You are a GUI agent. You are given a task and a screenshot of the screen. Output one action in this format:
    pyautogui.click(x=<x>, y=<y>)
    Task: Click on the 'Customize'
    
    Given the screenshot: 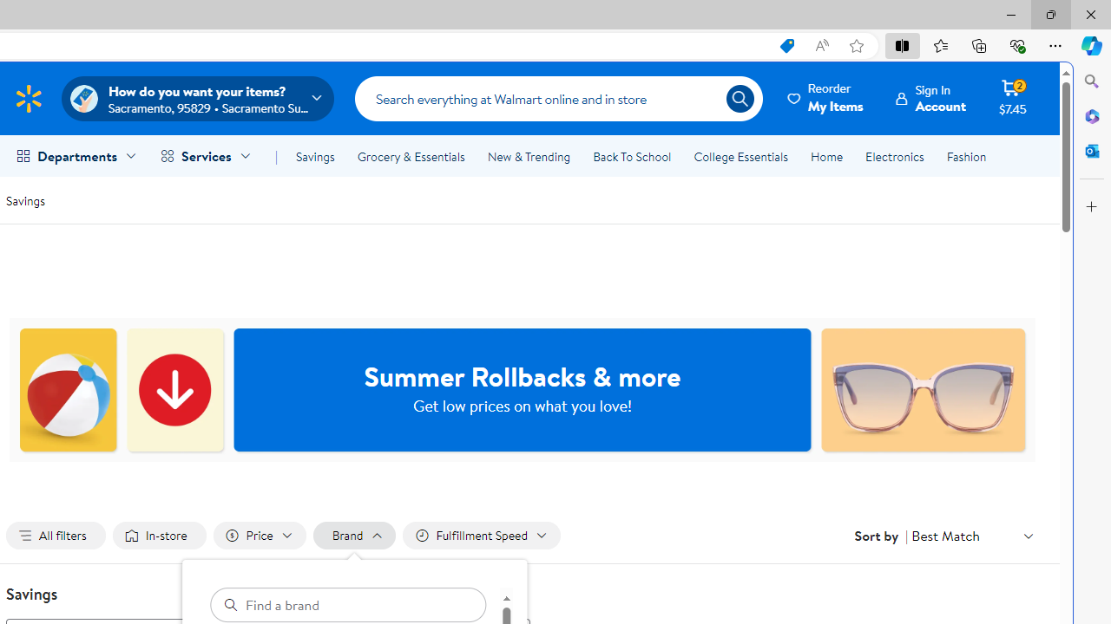 What is the action you would take?
    pyautogui.click(x=1091, y=206)
    